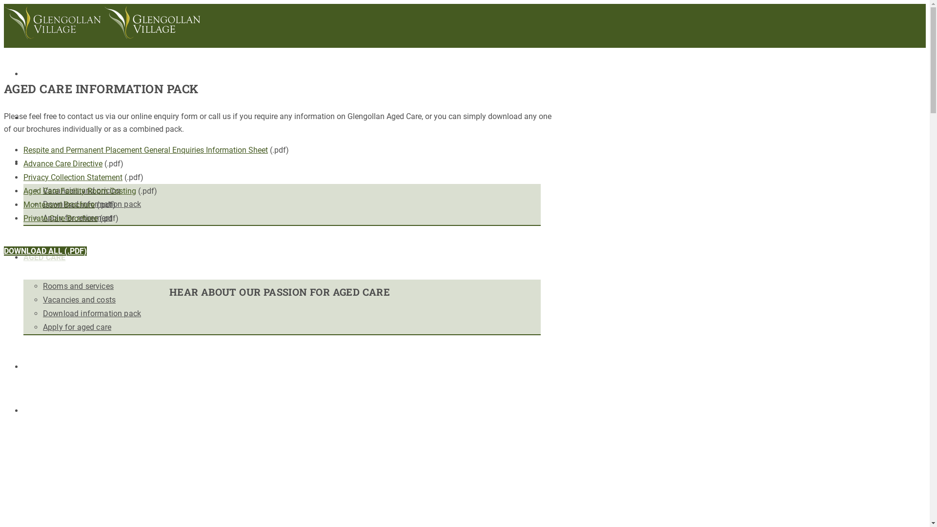 The image size is (937, 527). I want to click on 'Advance Care Directive', so click(62, 163).